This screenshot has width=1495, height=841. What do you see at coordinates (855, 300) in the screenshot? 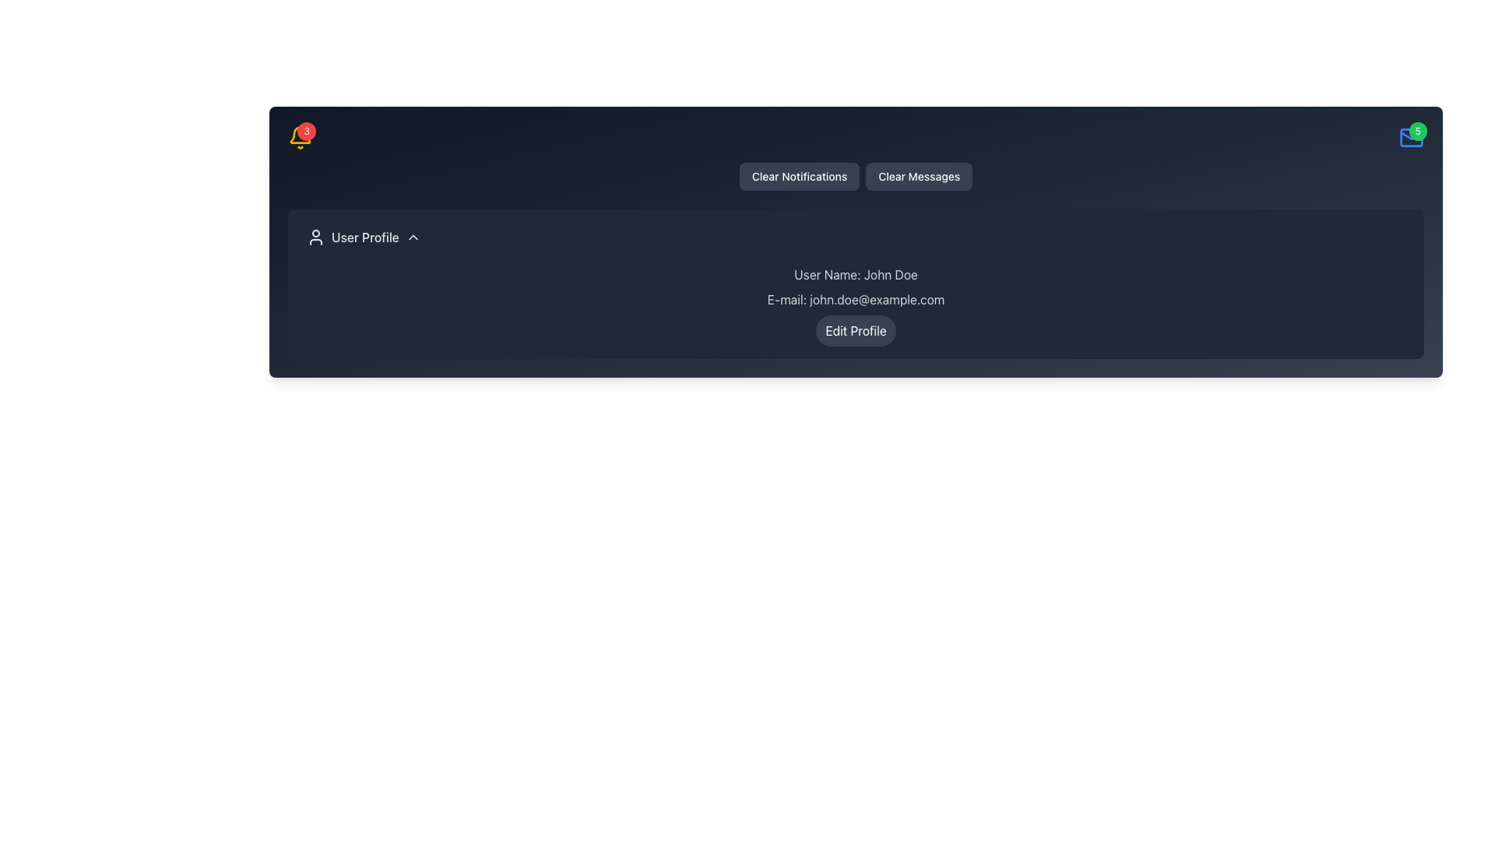
I see `the static text label displaying 'E-mail: john.doe@example.com', which is styled in gray and positioned between 'User Name: John Doe' and the 'Edit Profile' button` at bounding box center [855, 300].